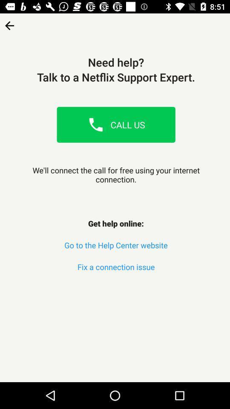 Image resolution: width=230 pixels, height=409 pixels. I want to click on the go to the item, so click(115, 245).